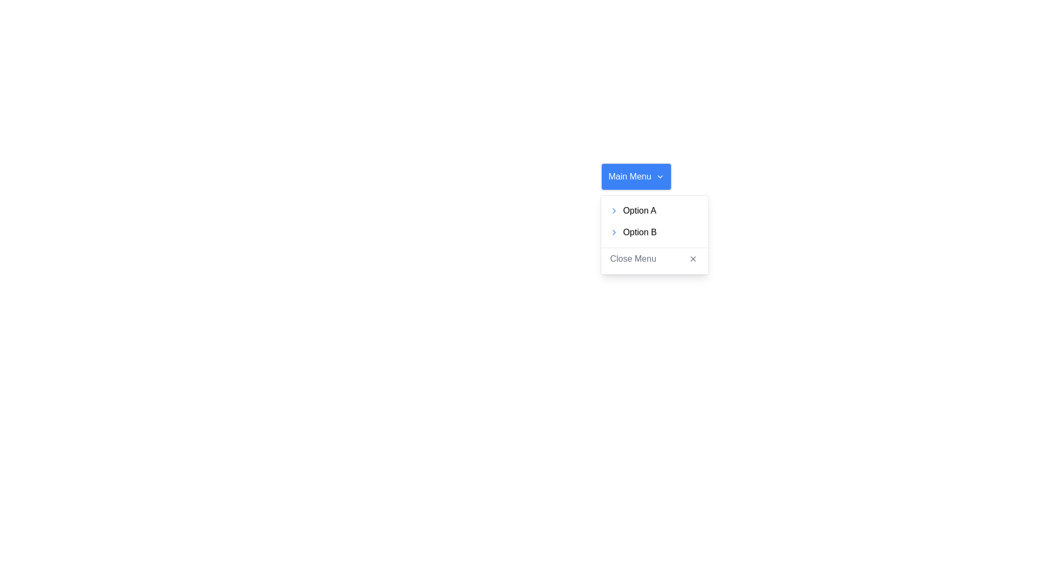  Describe the element at coordinates (654, 210) in the screenshot. I see `the menu option labeled 'Option A' with a blue arrow icon` at that location.